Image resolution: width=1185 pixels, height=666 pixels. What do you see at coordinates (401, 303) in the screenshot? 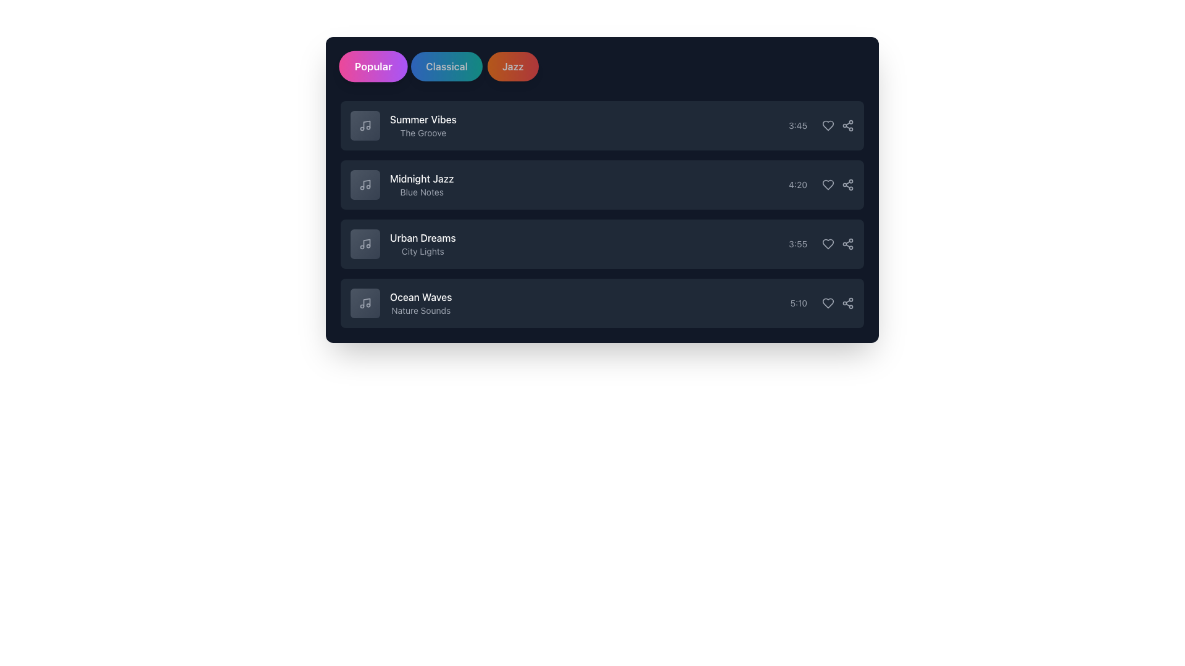
I see `the Text component displaying 'Ocean Waves' and 'Nature Sounds' in the fourth row of the list, which is positioned to the right of a grey music note icon` at bounding box center [401, 303].